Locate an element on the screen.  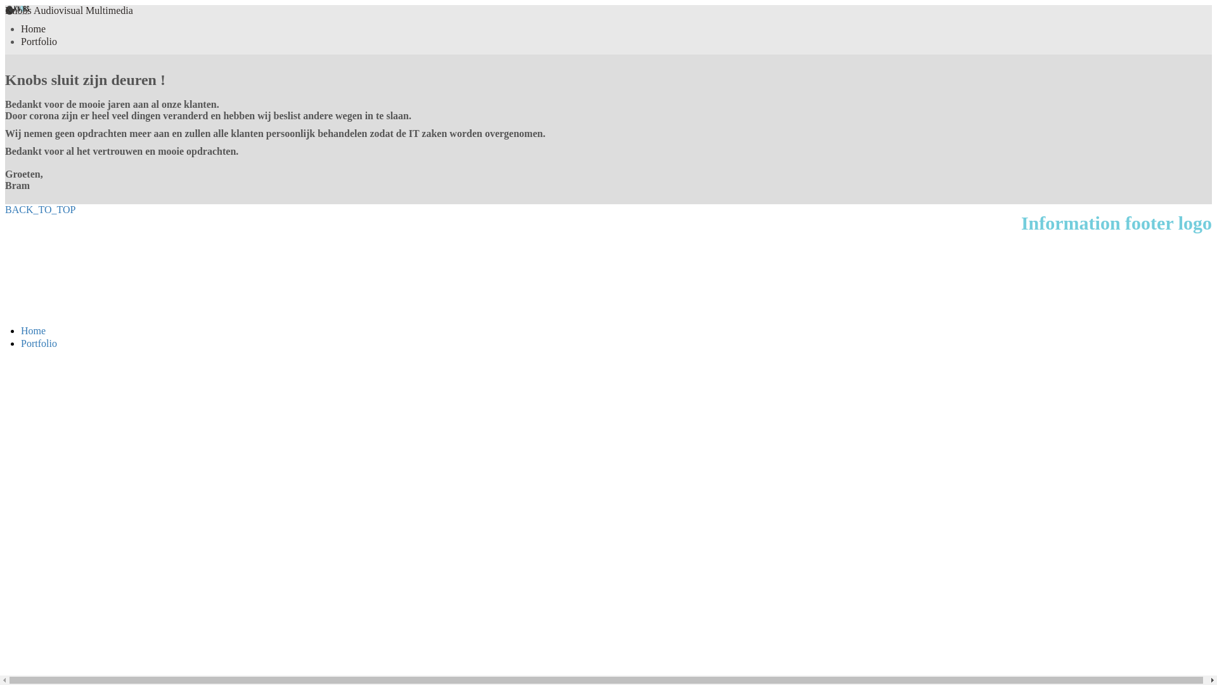
'Home' is located at coordinates (33, 29).